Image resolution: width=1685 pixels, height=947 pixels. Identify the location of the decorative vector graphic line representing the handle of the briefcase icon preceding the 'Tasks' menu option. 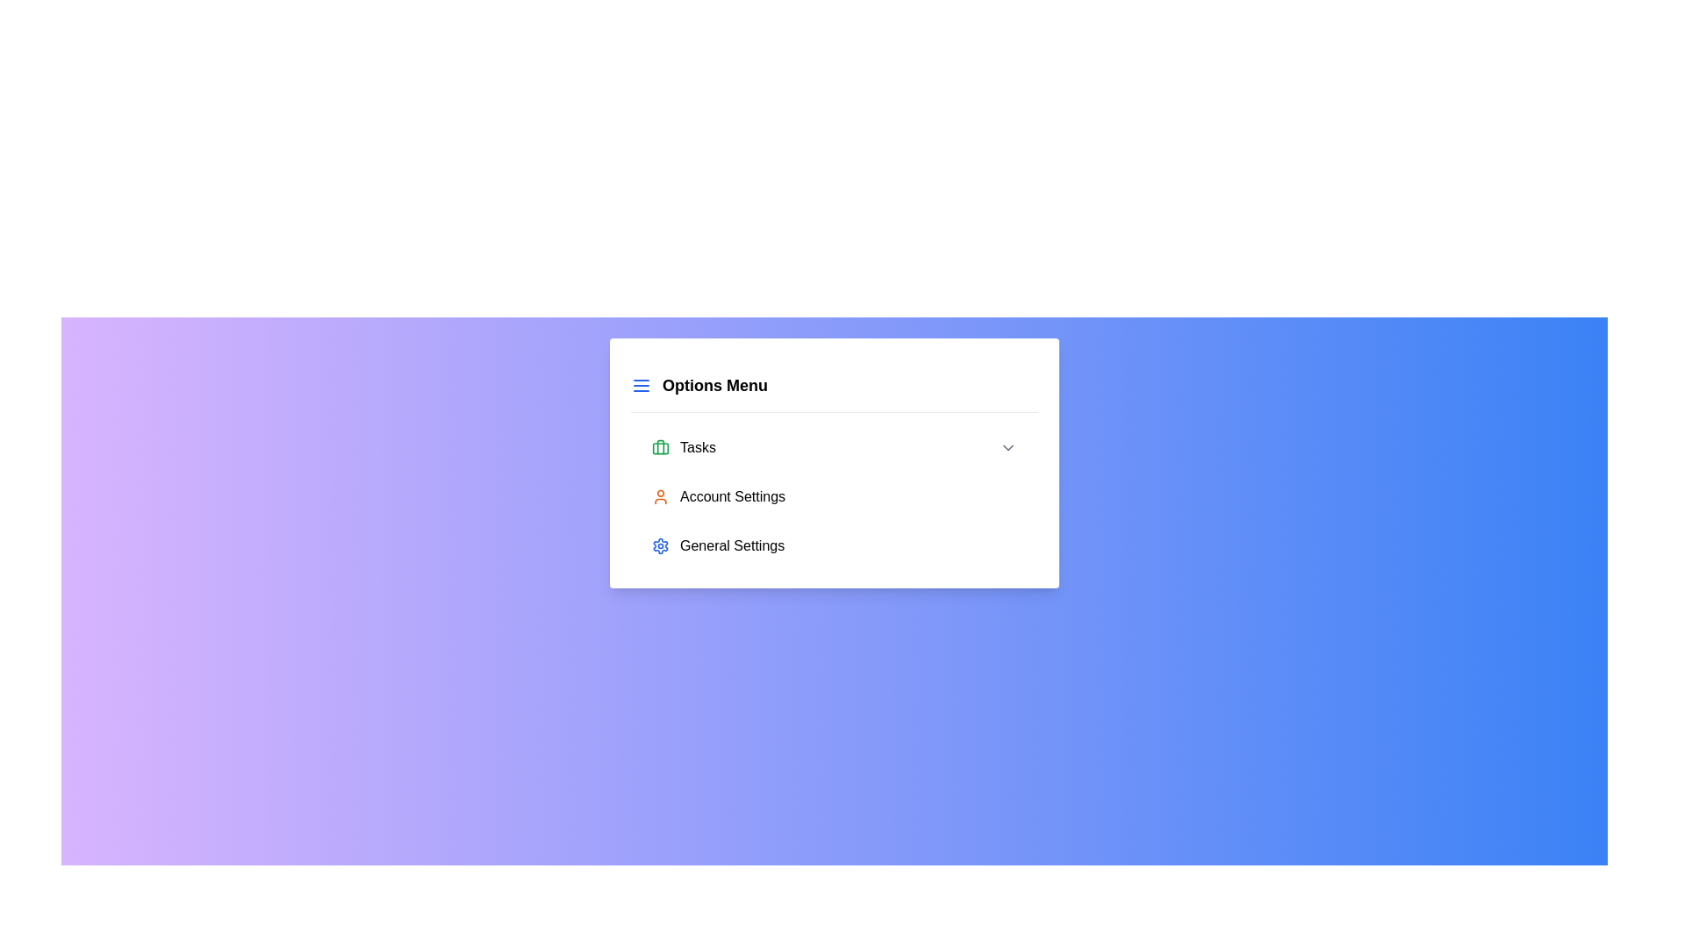
(660, 445).